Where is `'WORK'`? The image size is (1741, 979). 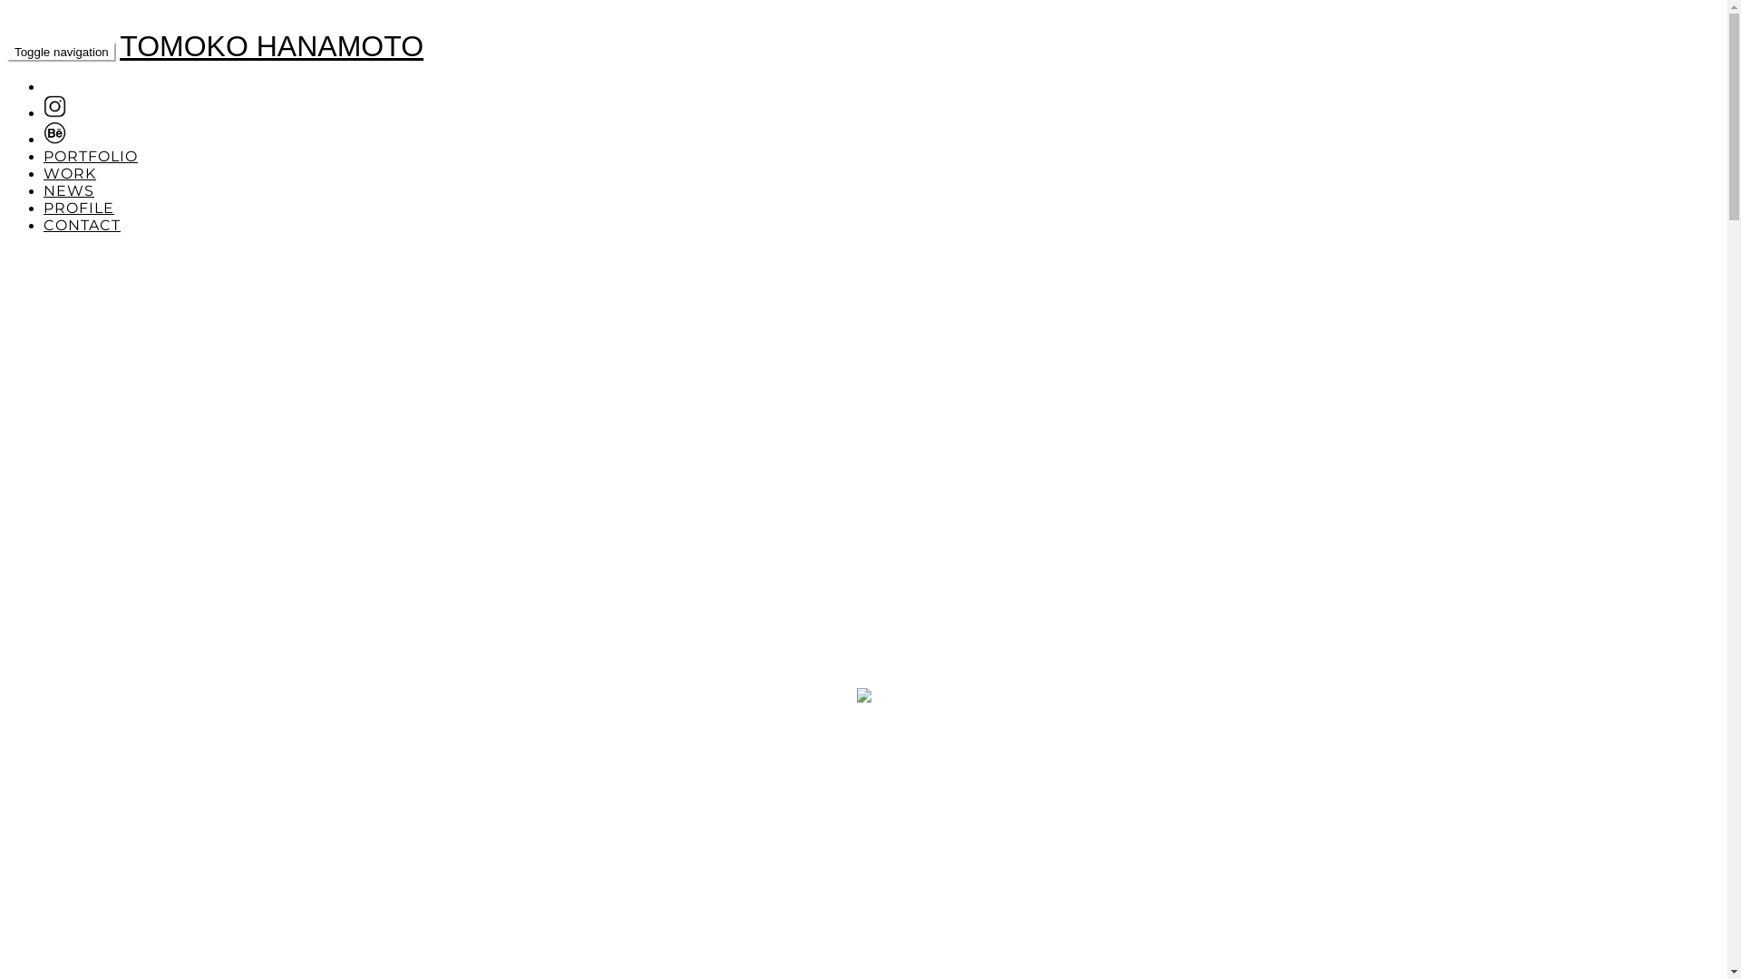
'WORK' is located at coordinates (69, 173).